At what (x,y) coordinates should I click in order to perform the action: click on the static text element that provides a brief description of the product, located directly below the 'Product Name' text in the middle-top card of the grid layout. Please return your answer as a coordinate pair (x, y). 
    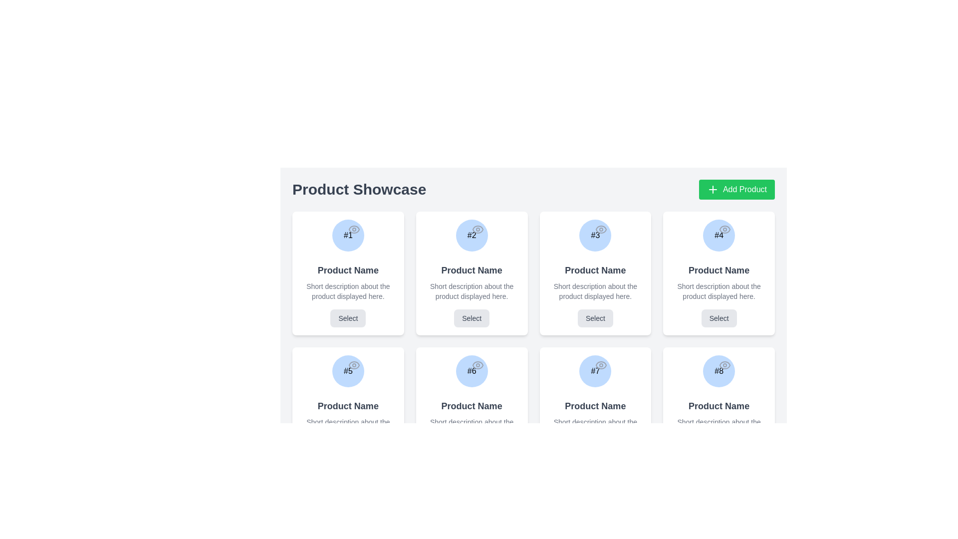
    Looking at the image, I should click on (471, 291).